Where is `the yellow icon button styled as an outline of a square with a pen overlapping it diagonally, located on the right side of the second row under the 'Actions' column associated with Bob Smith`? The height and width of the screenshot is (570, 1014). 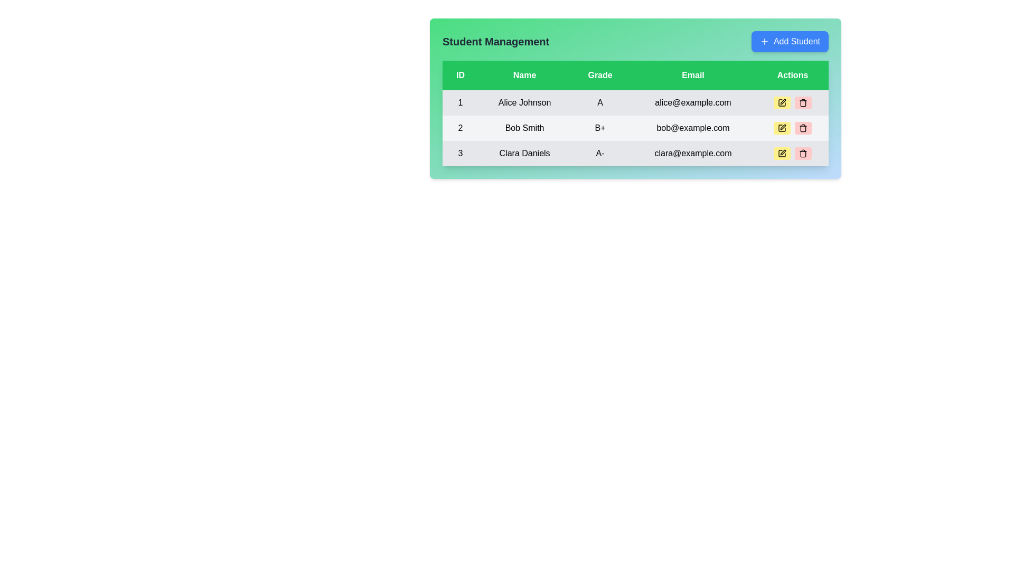
the yellow icon button styled as an outline of a square with a pen overlapping it diagonally, located on the right side of the second row under the 'Actions' column associated with Bob Smith is located at coordinates (782, 128).